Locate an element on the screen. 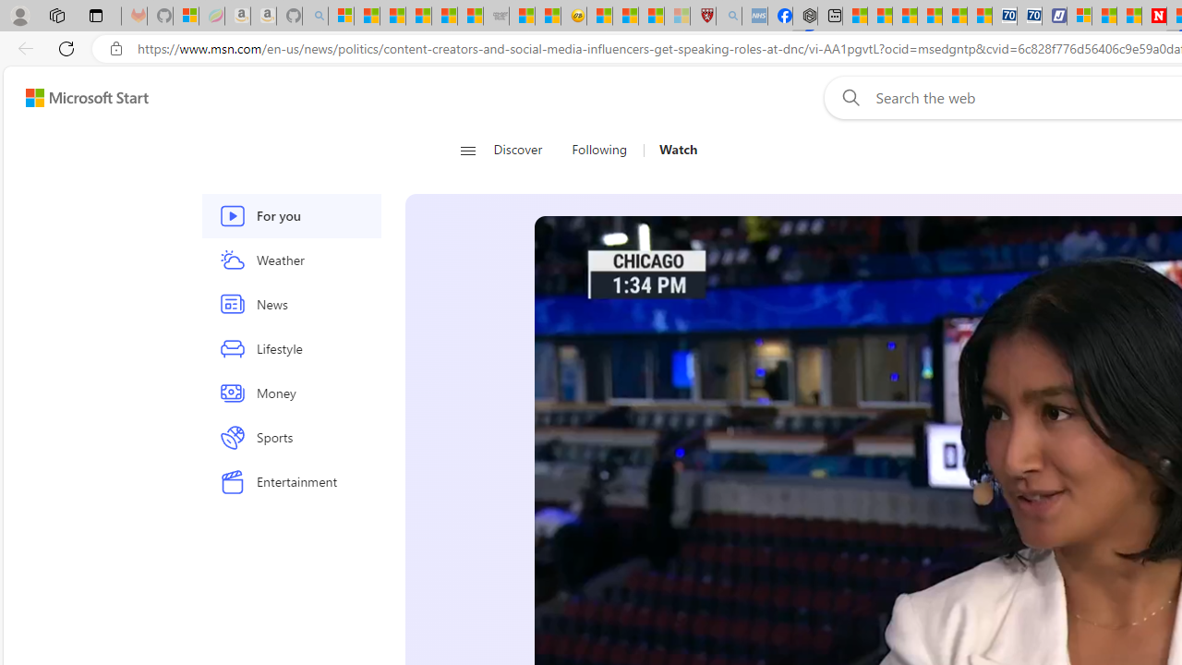  'Watch' is located at coordinates (670, 150).